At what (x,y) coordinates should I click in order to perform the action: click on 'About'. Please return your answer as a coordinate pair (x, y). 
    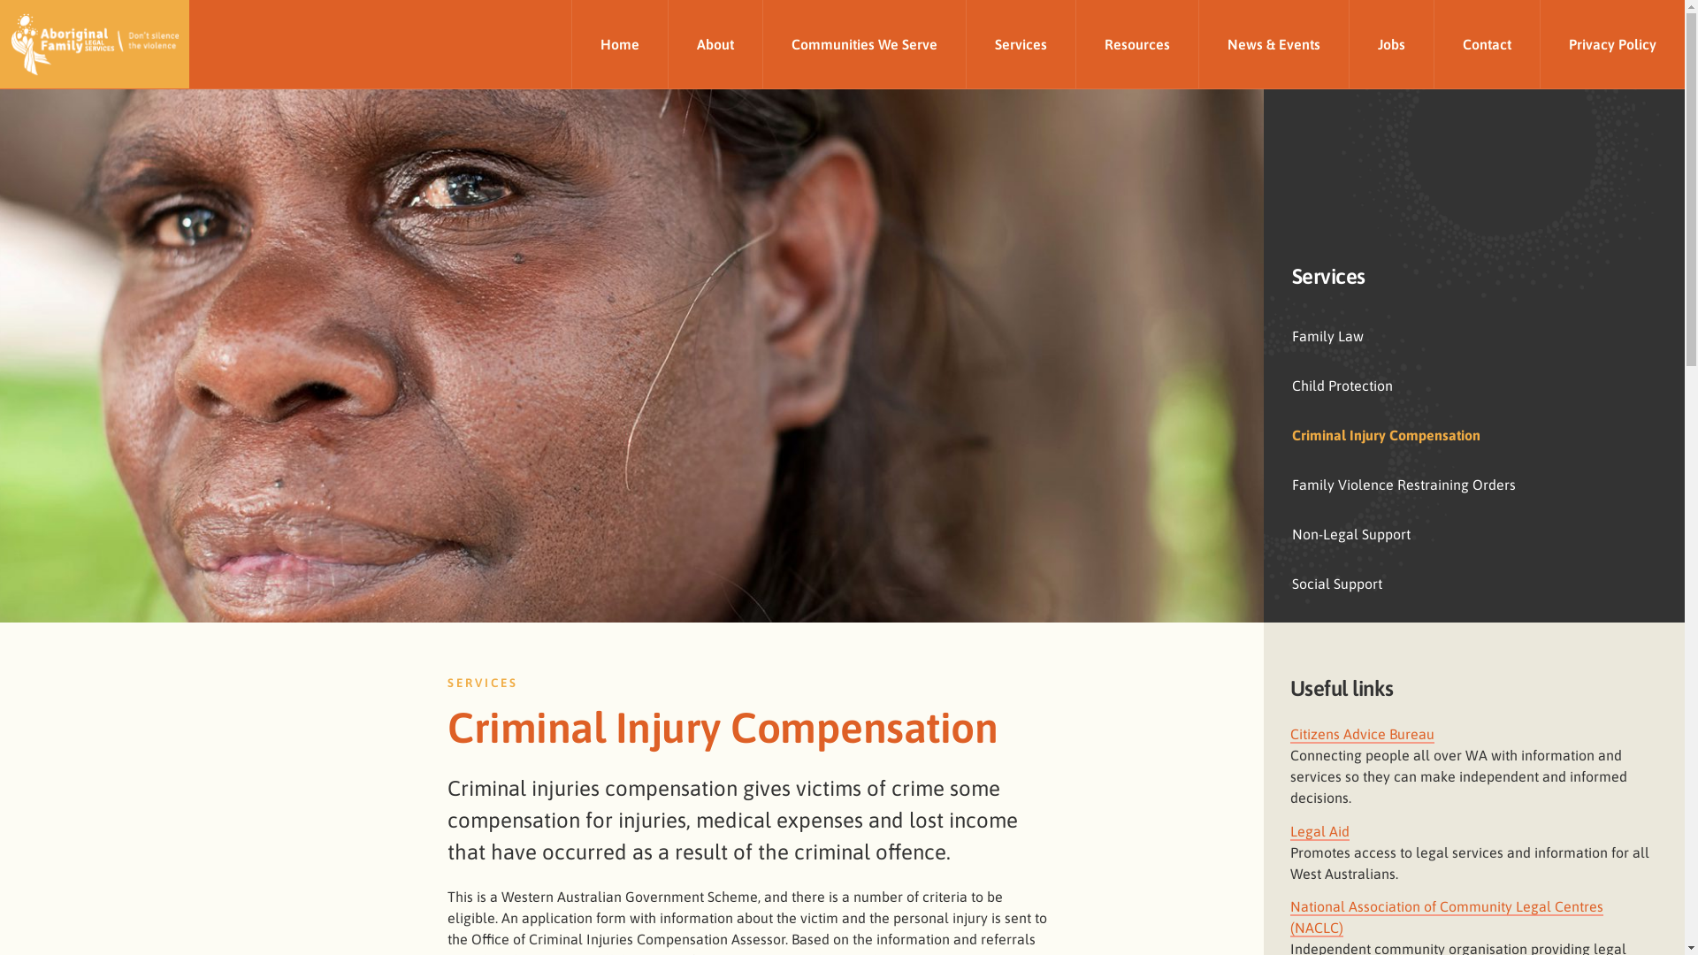
    Looking at the image, I should click on (666, 43).